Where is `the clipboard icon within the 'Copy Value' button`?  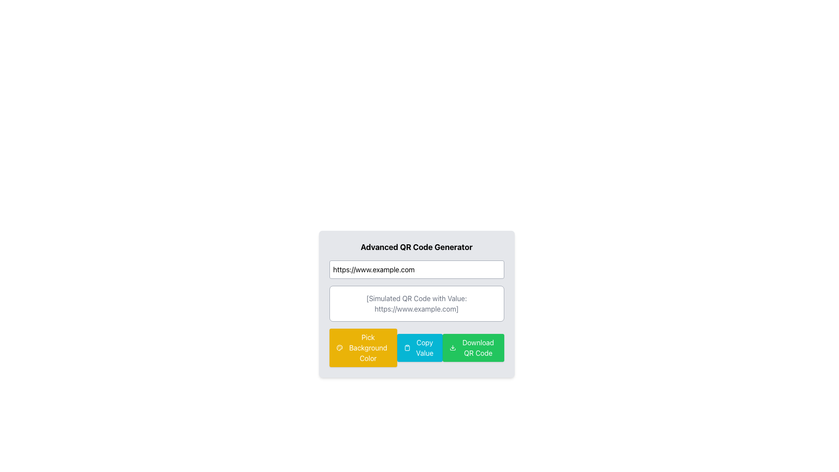 the clipboard icon within the 'Copy Value' button is located at coordinates (407, 347).